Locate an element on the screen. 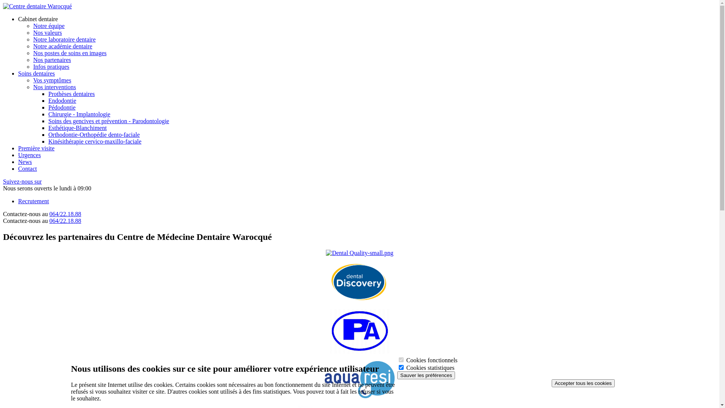 The width and height of the screenshot is (725, 408). '064/22.18.88' is located at coordinates (49, 221).